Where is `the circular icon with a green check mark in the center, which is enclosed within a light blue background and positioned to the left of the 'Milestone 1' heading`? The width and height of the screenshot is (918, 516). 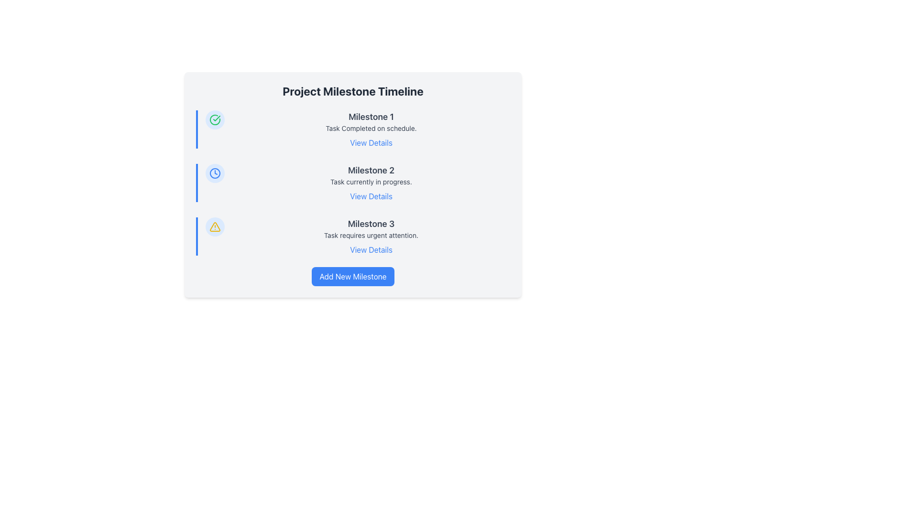
the circular icon with a green check mark in the center, which is enclosed within a light blue background and positioned to the left of the 'Milestone 1' heading is located at coordinates (215, 119).